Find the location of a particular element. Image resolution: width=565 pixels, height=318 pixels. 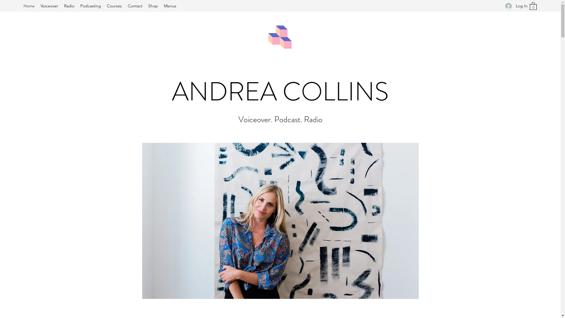

'Courses' is located at coordinates (104, 6).